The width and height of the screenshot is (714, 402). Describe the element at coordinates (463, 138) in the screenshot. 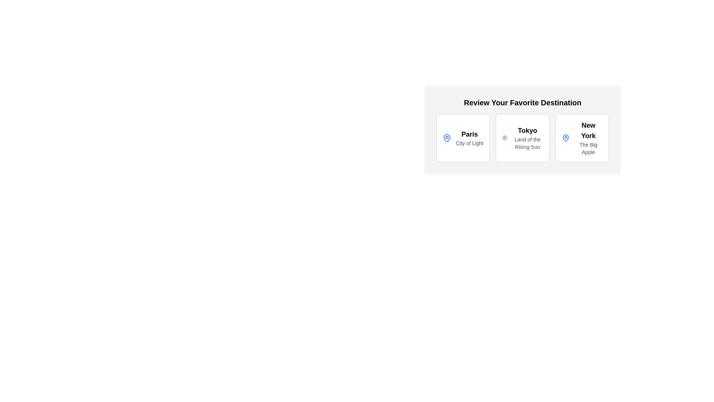

I see `the card-like button that features a blue map pin icon and the text 'Paris' in bold, located in the center-right area of the interface` at that location.